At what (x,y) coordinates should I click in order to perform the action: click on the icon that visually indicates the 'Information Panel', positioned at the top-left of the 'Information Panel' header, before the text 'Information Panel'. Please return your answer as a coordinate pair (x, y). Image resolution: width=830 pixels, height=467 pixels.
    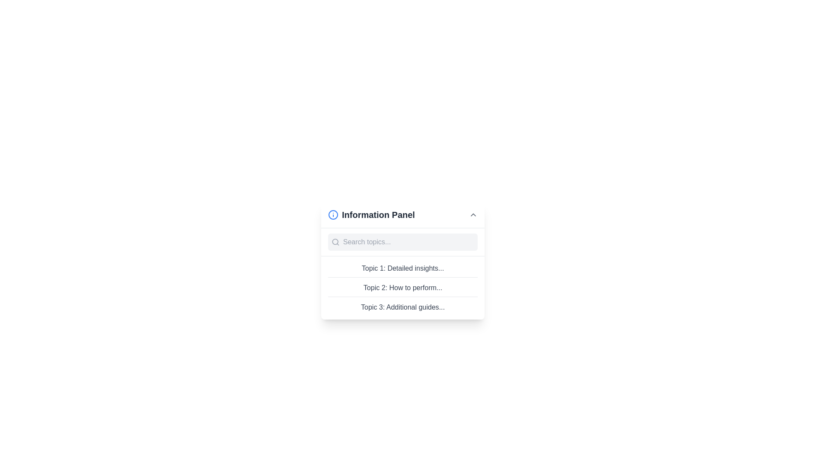
    Looking at the image, I should click on (333, 214).